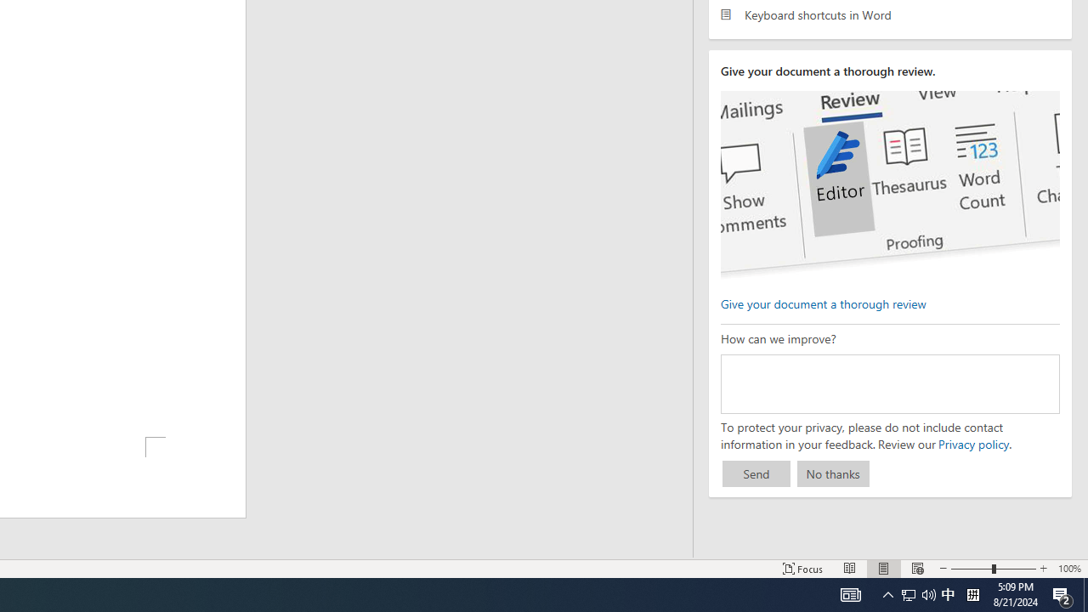  I want to click on 'Print Layout', so click(884, 569).